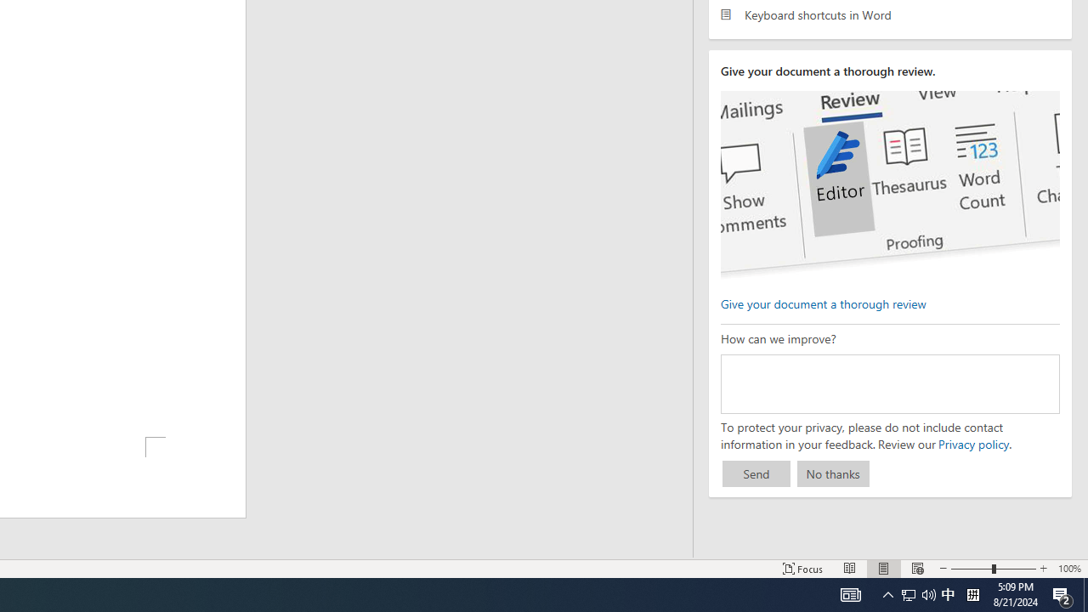  I want to click on 'Print Layout', so click(884, 569).